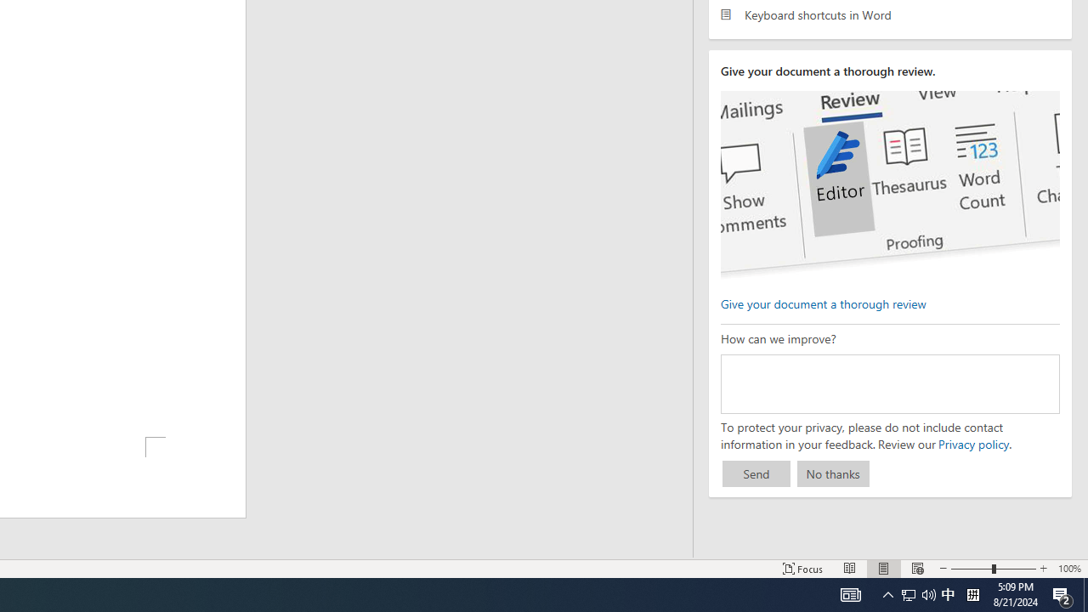  I want to click on 'Print Layout', so click(884, 569).